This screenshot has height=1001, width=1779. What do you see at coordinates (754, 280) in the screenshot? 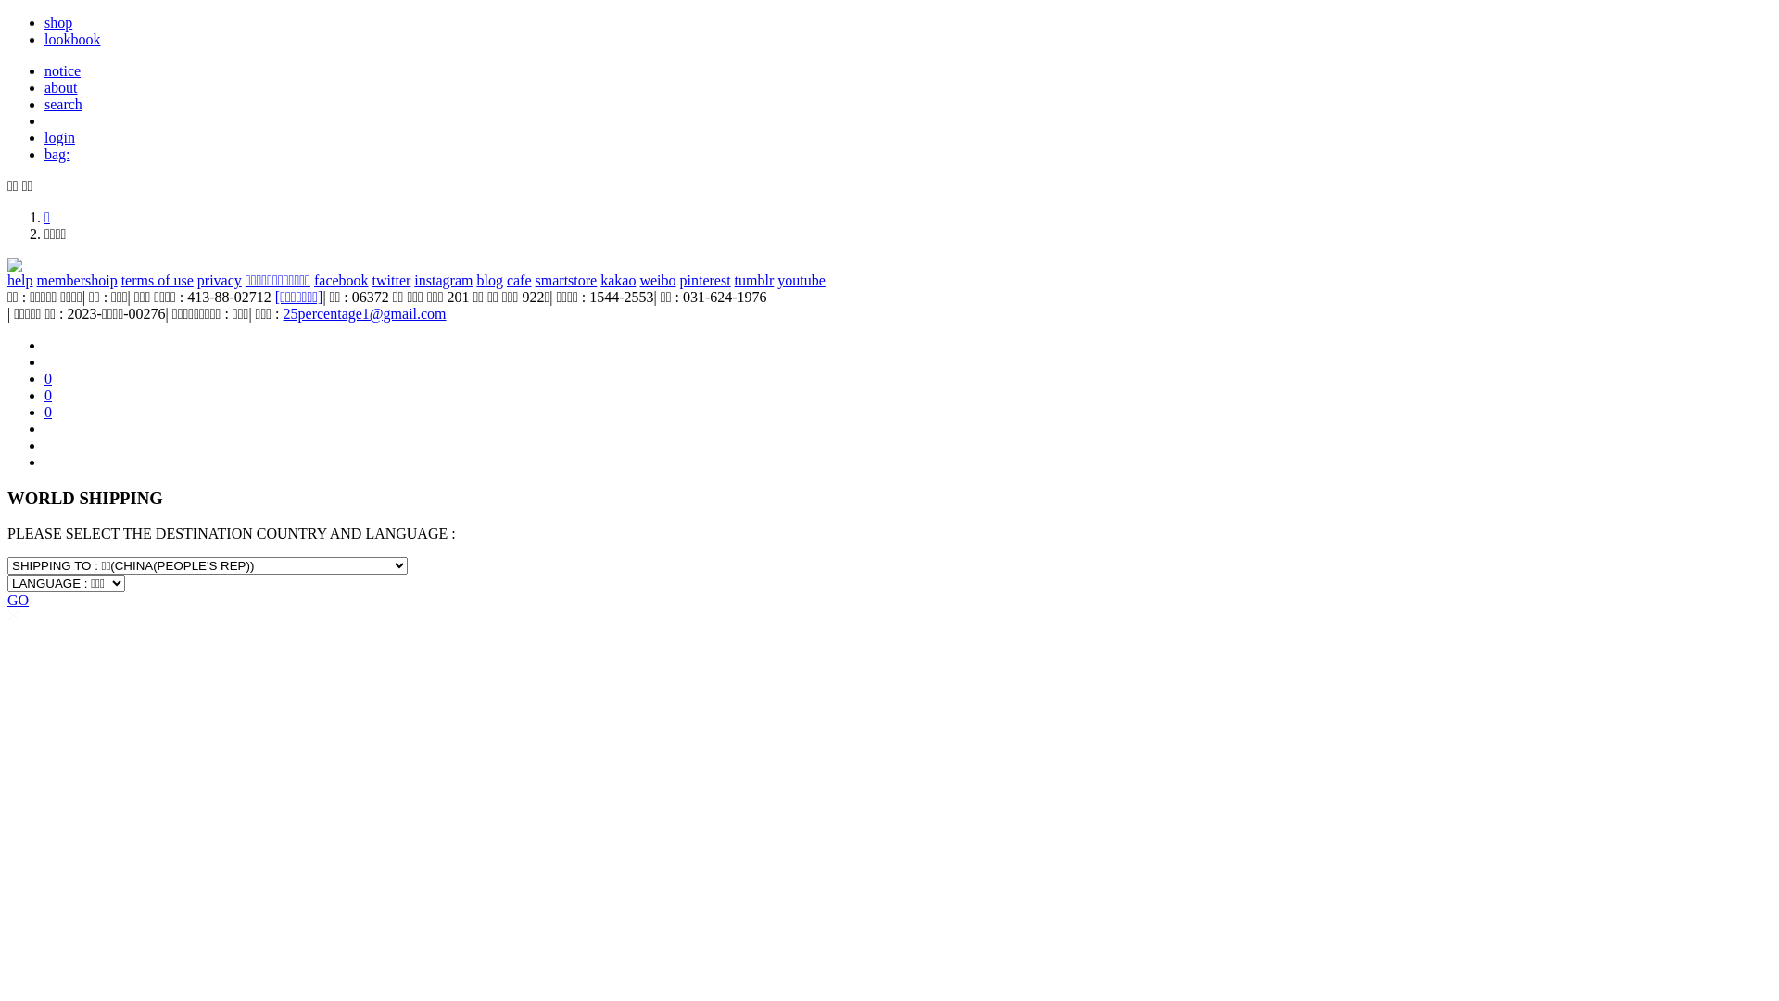
I see `'tumblr'` at bounding box center [754, 280].